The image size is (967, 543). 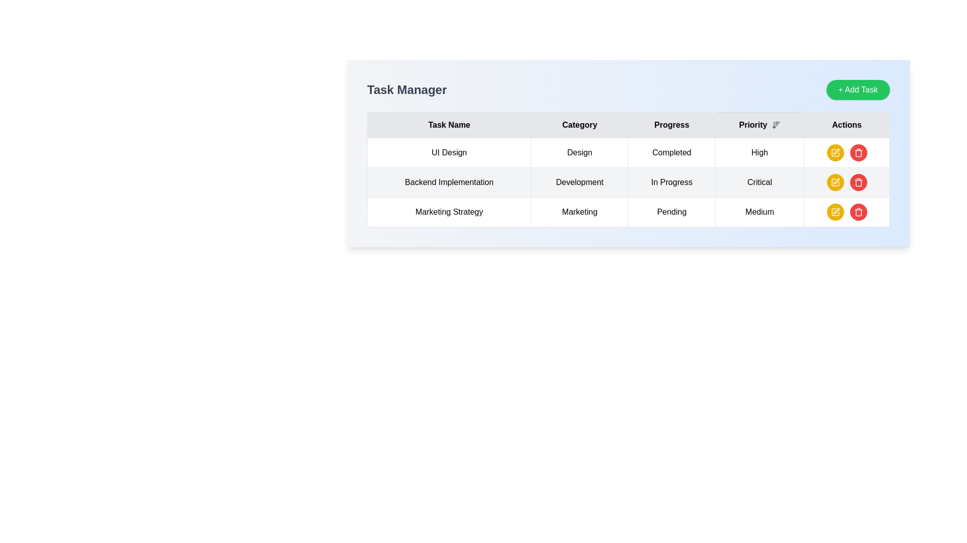 I want to click on the Icon Button that resembles a downward arrow with horizontal lines, located in the header of the 'Priority' column, so click(x=775, y=125).